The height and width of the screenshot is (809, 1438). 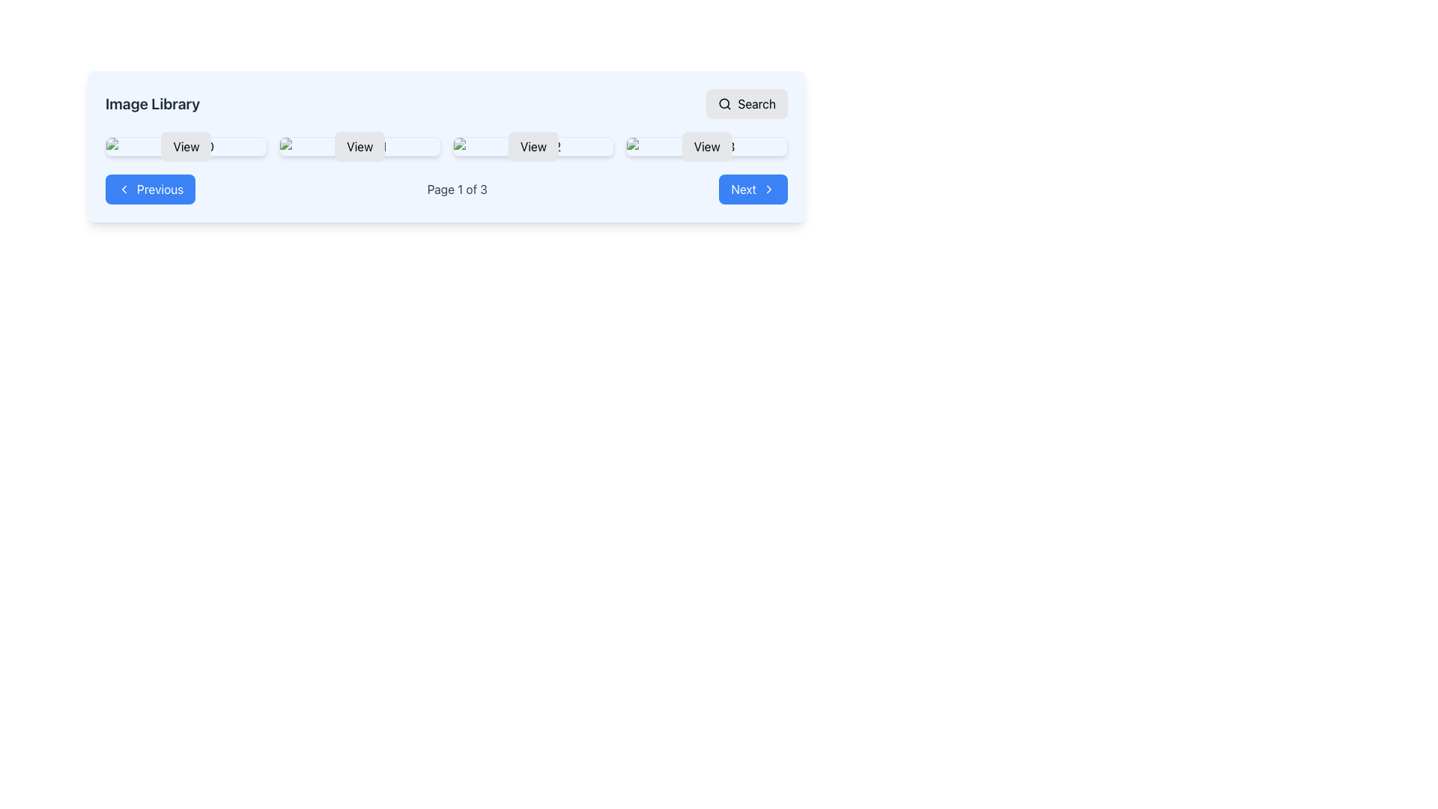 What do you see at coordinates (533, 147) in the screenshot?
I see `the button in the third column of the grid layout` at bounding box center [533, 147].